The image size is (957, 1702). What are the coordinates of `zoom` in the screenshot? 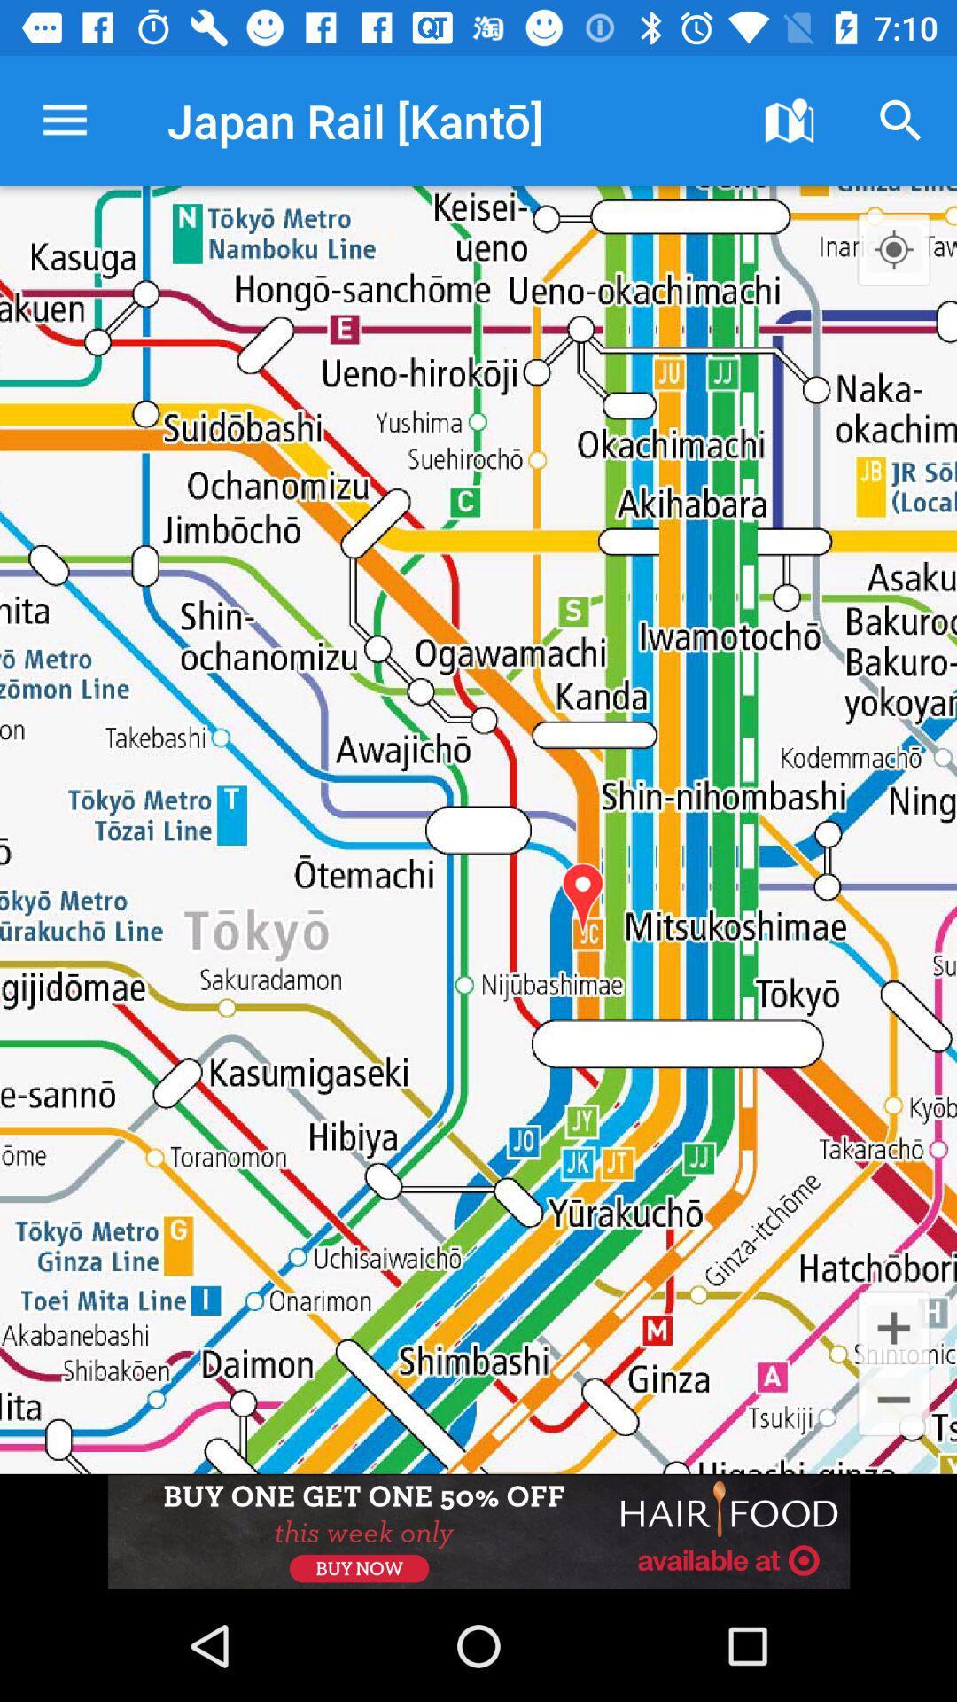 It's located at (893, 248).